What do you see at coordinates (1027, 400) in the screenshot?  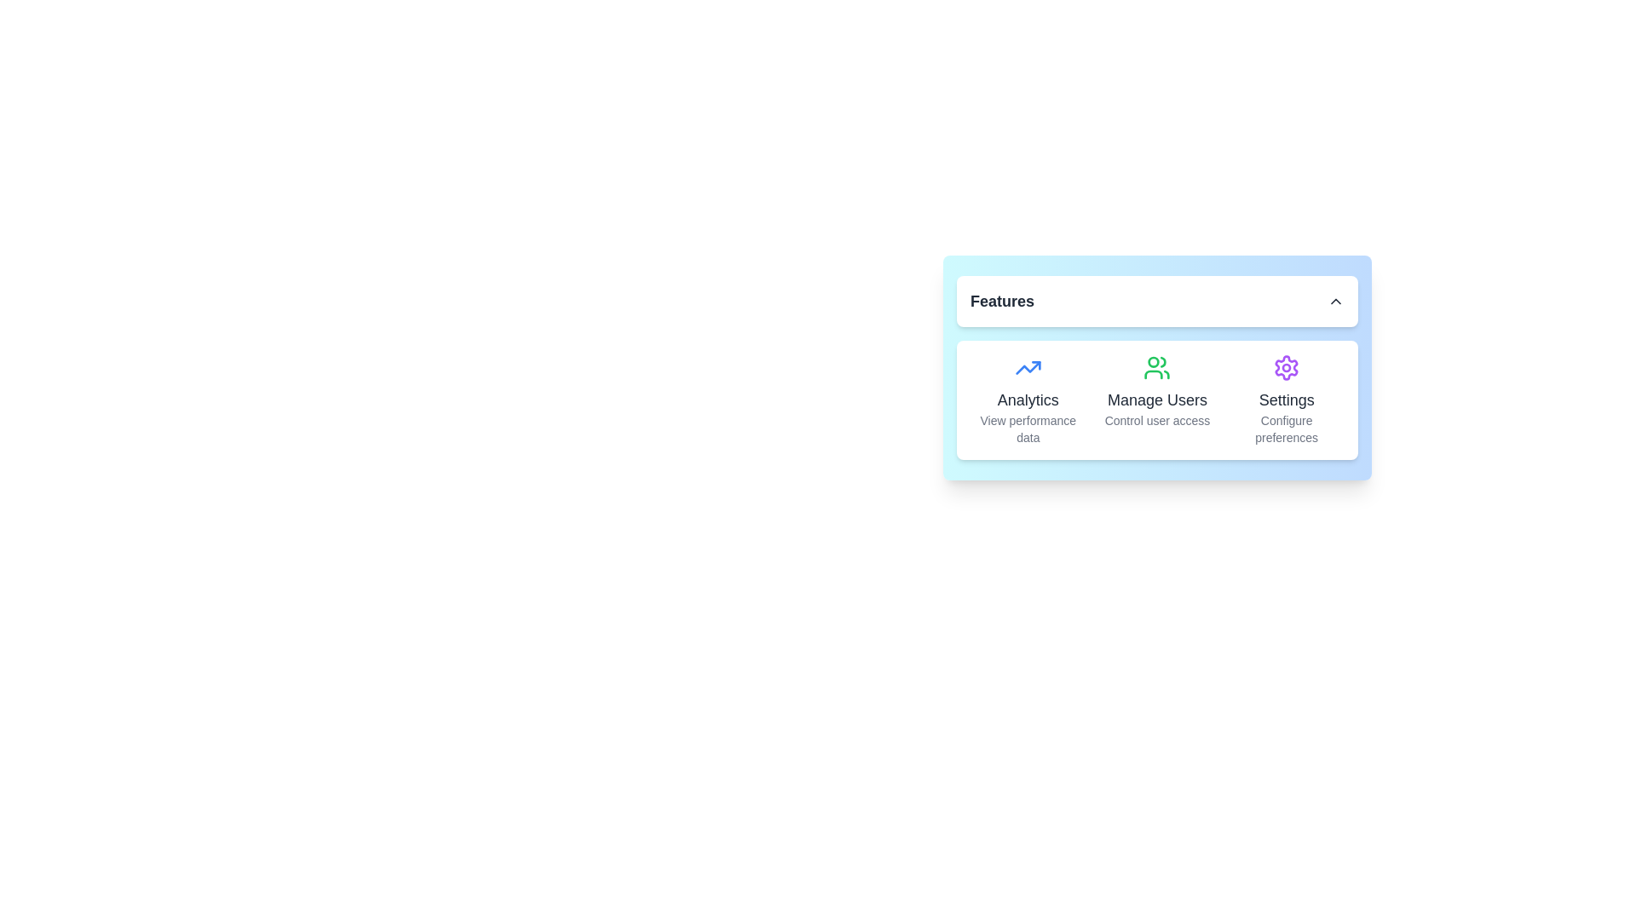 I see `the Clickable Card in the 'Features' grid section that provides access to analytics functionality` at bounding box center [1027, 400].